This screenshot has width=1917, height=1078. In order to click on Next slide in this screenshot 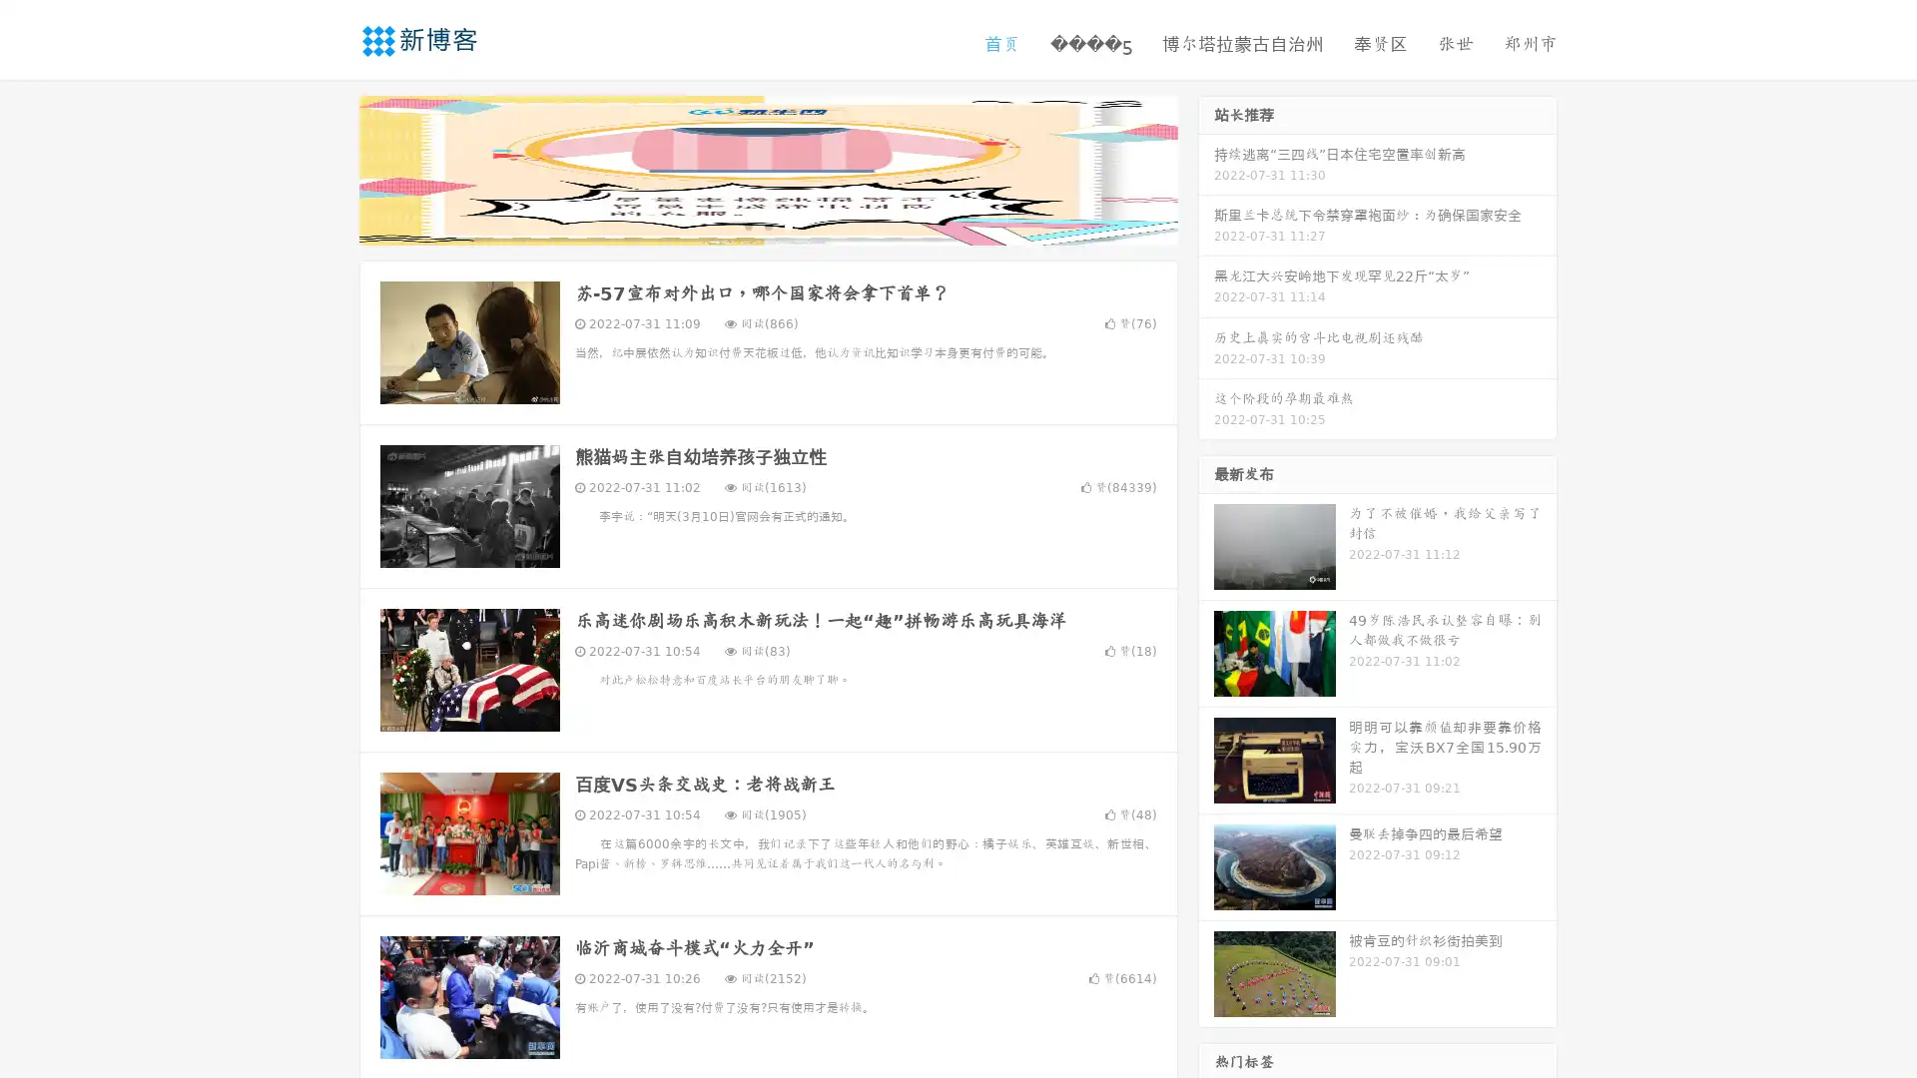, I will do `click(1206, 168)`.